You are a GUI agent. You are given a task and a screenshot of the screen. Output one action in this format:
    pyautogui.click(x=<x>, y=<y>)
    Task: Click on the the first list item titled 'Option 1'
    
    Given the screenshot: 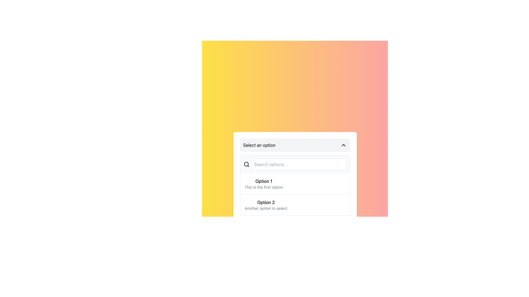 What is the action you would take?
    pyautogui.click(x=263, y=184)
    